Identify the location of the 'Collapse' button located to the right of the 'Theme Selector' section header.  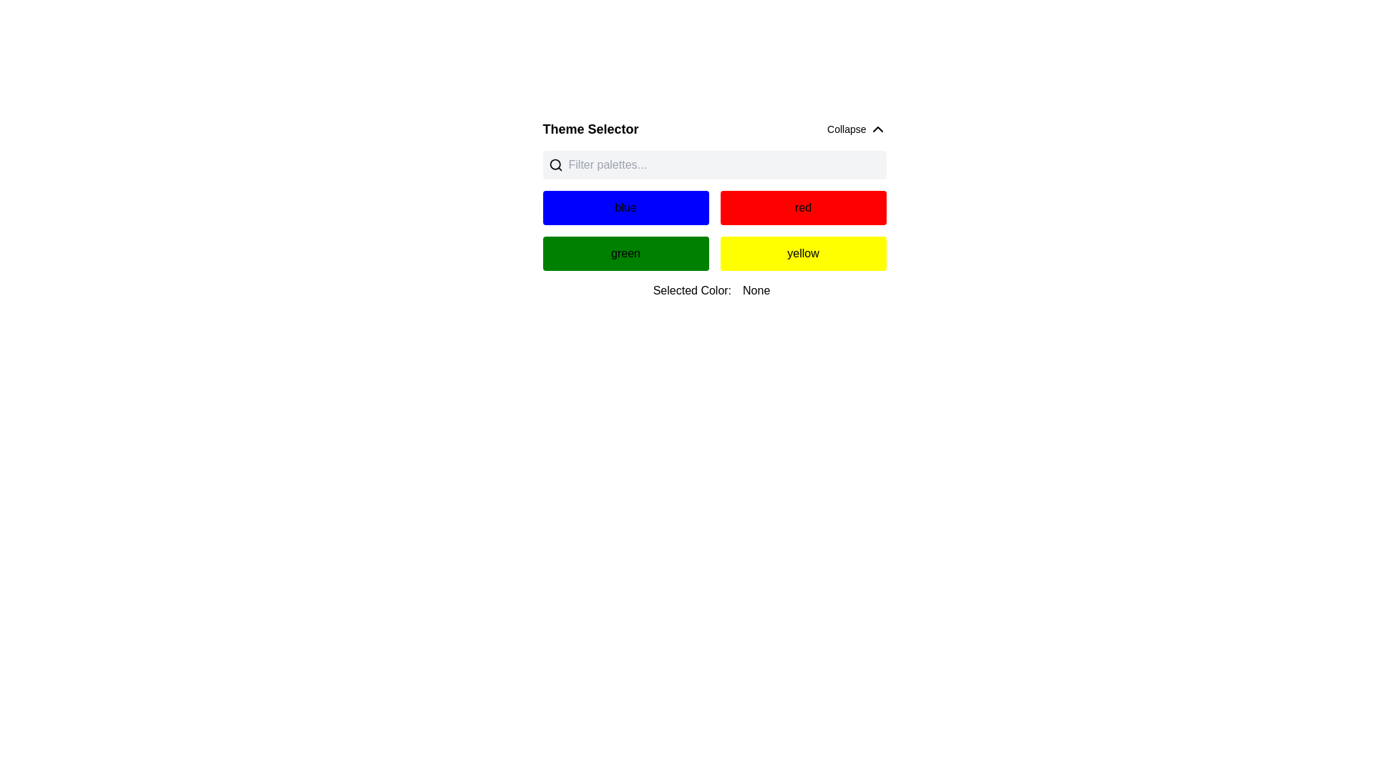
(857, 129).